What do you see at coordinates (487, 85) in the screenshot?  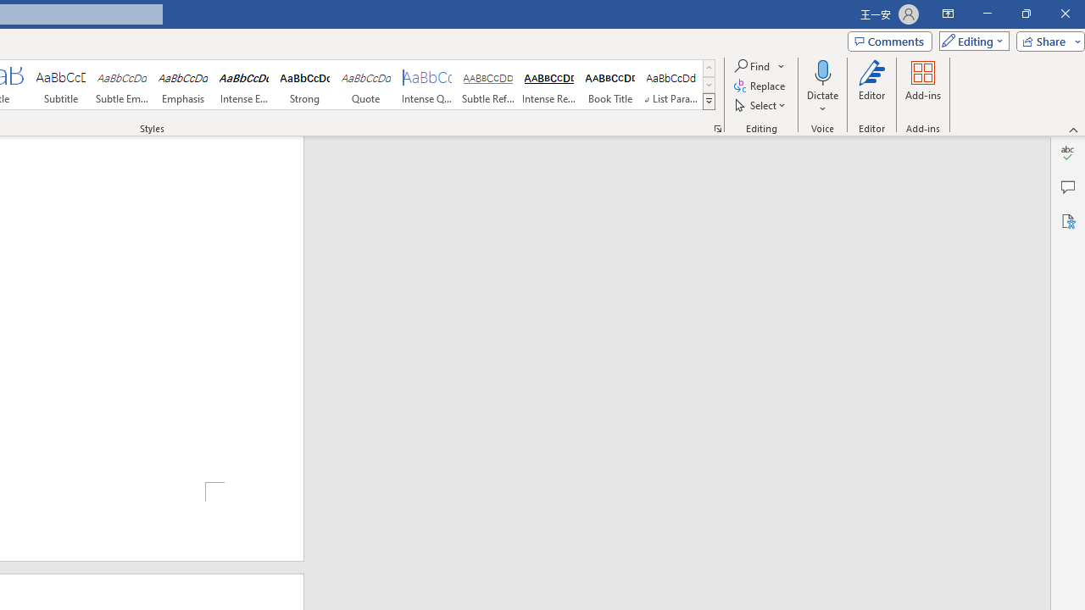 I see `'Subtle Reference'` at bounding box center [487, 85].